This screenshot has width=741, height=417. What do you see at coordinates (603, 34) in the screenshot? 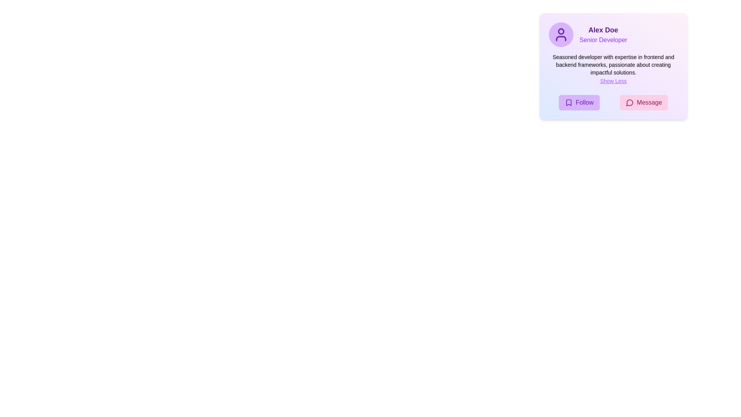
I see `the text block displaying the name and title of the professional, located at the top center-right of the card interface` at bounding box center [603, 34].